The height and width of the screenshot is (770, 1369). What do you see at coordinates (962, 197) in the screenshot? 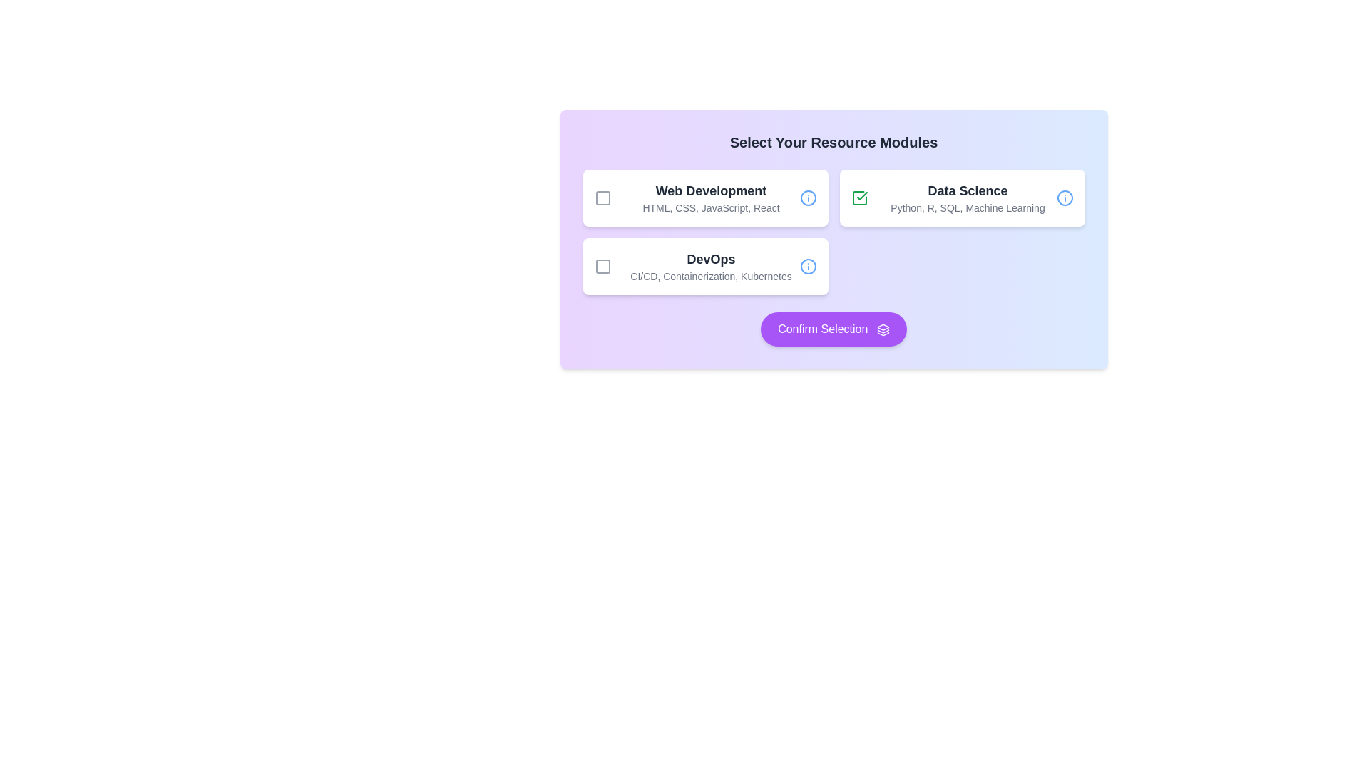
I see `the information icon of the 'Data Science' selectable module` at bounding box center [962, 197].